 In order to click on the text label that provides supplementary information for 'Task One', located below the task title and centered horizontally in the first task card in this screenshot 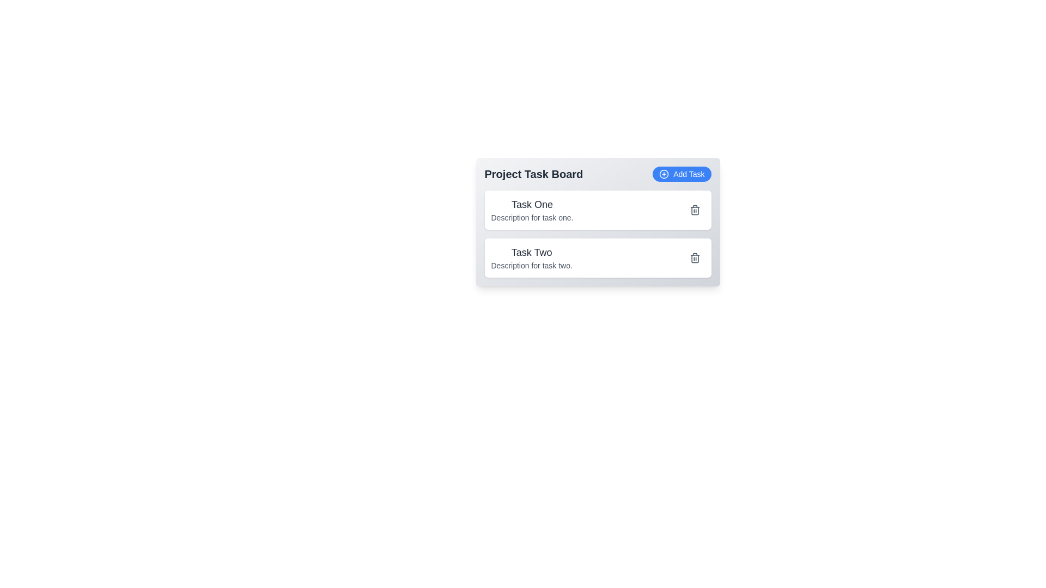, I will do `click(532, 218)`.